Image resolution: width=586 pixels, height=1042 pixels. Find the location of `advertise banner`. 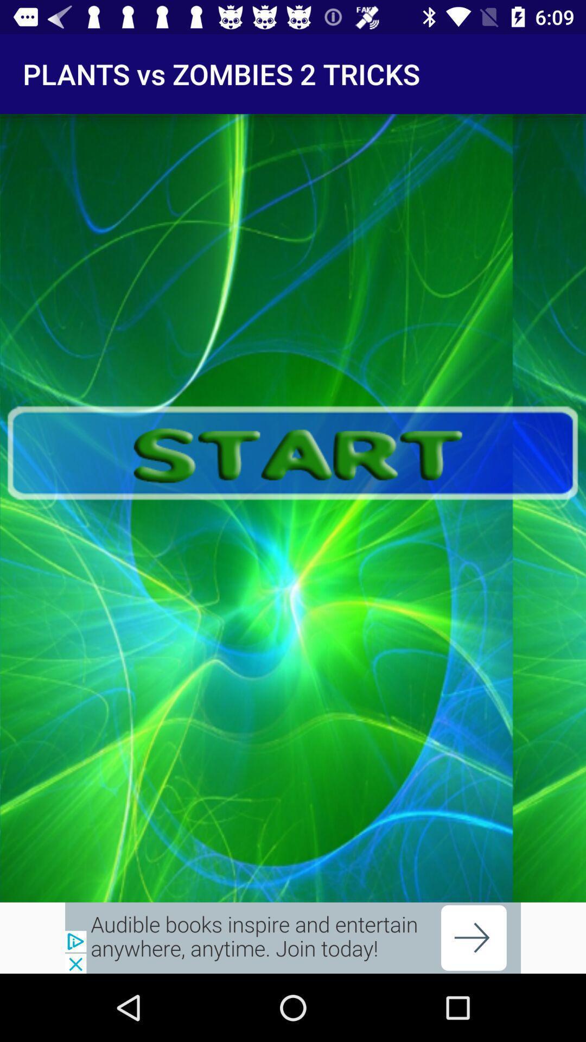

advertise banner is located at coordinates (293, 937).